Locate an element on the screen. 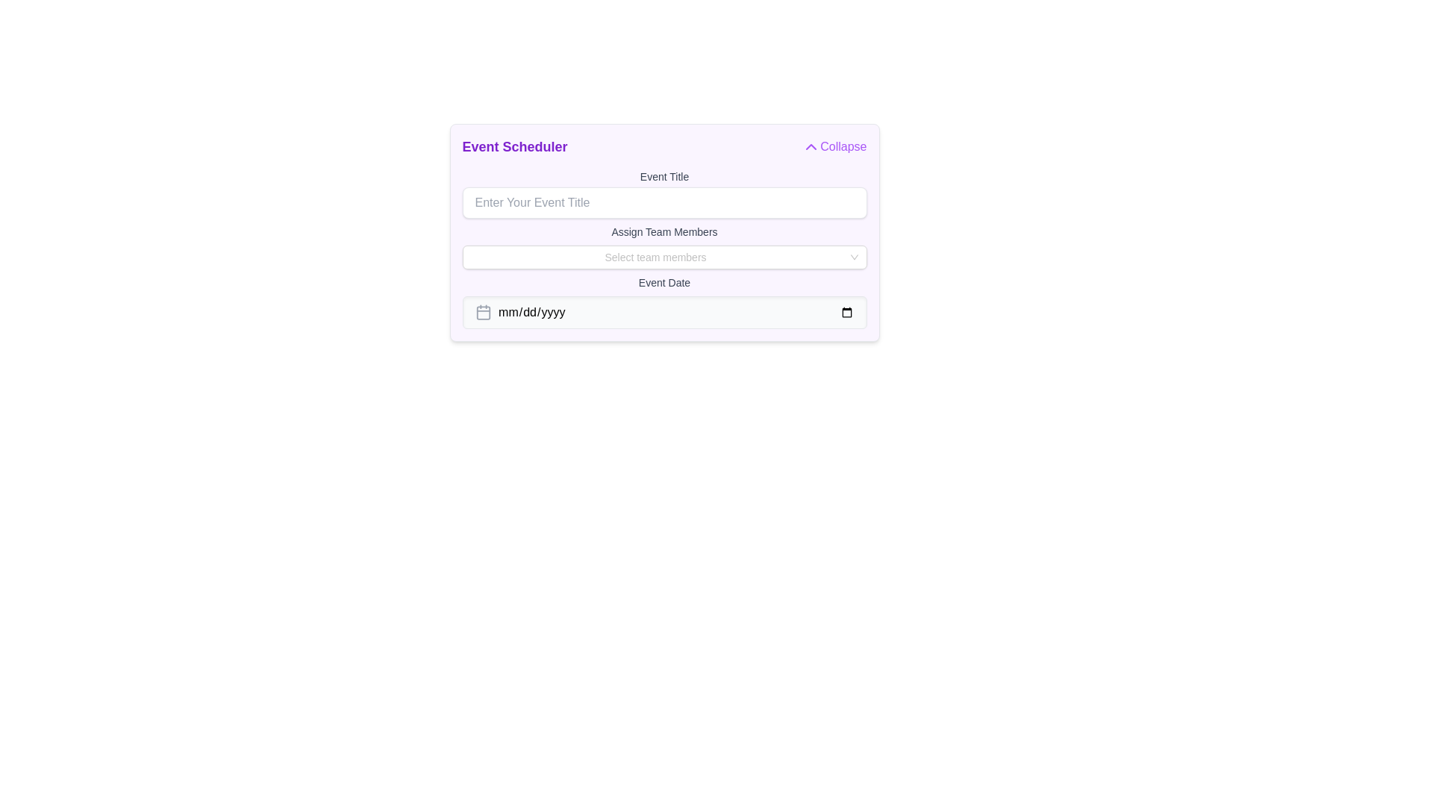 The width and height of the screenshot is (1433, 806). the Date input field located below the team selection field, which allows users to input a date or open a calendar view for date selection is located at coordinates (664, 302).